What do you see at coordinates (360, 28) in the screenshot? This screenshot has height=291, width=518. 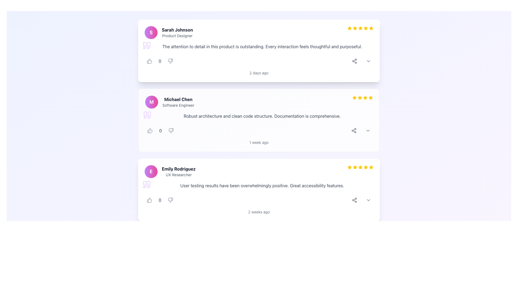 I see `the yellow star icon, which is the fifth in a horizontal row of five stars located to the top right of Sarah Johnson's comment box` at bounding box center [360, 28].